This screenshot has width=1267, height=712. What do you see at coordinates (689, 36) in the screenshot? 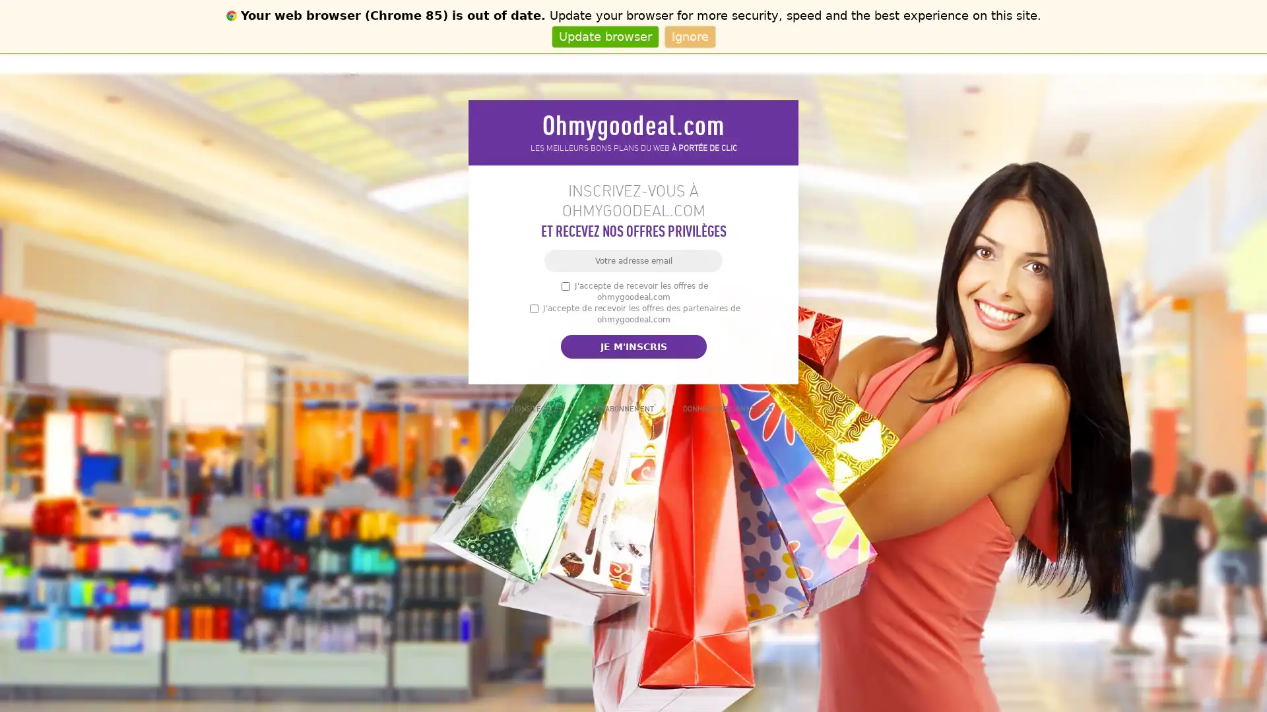
I see `Ignore` at bounding box center [689, 36].